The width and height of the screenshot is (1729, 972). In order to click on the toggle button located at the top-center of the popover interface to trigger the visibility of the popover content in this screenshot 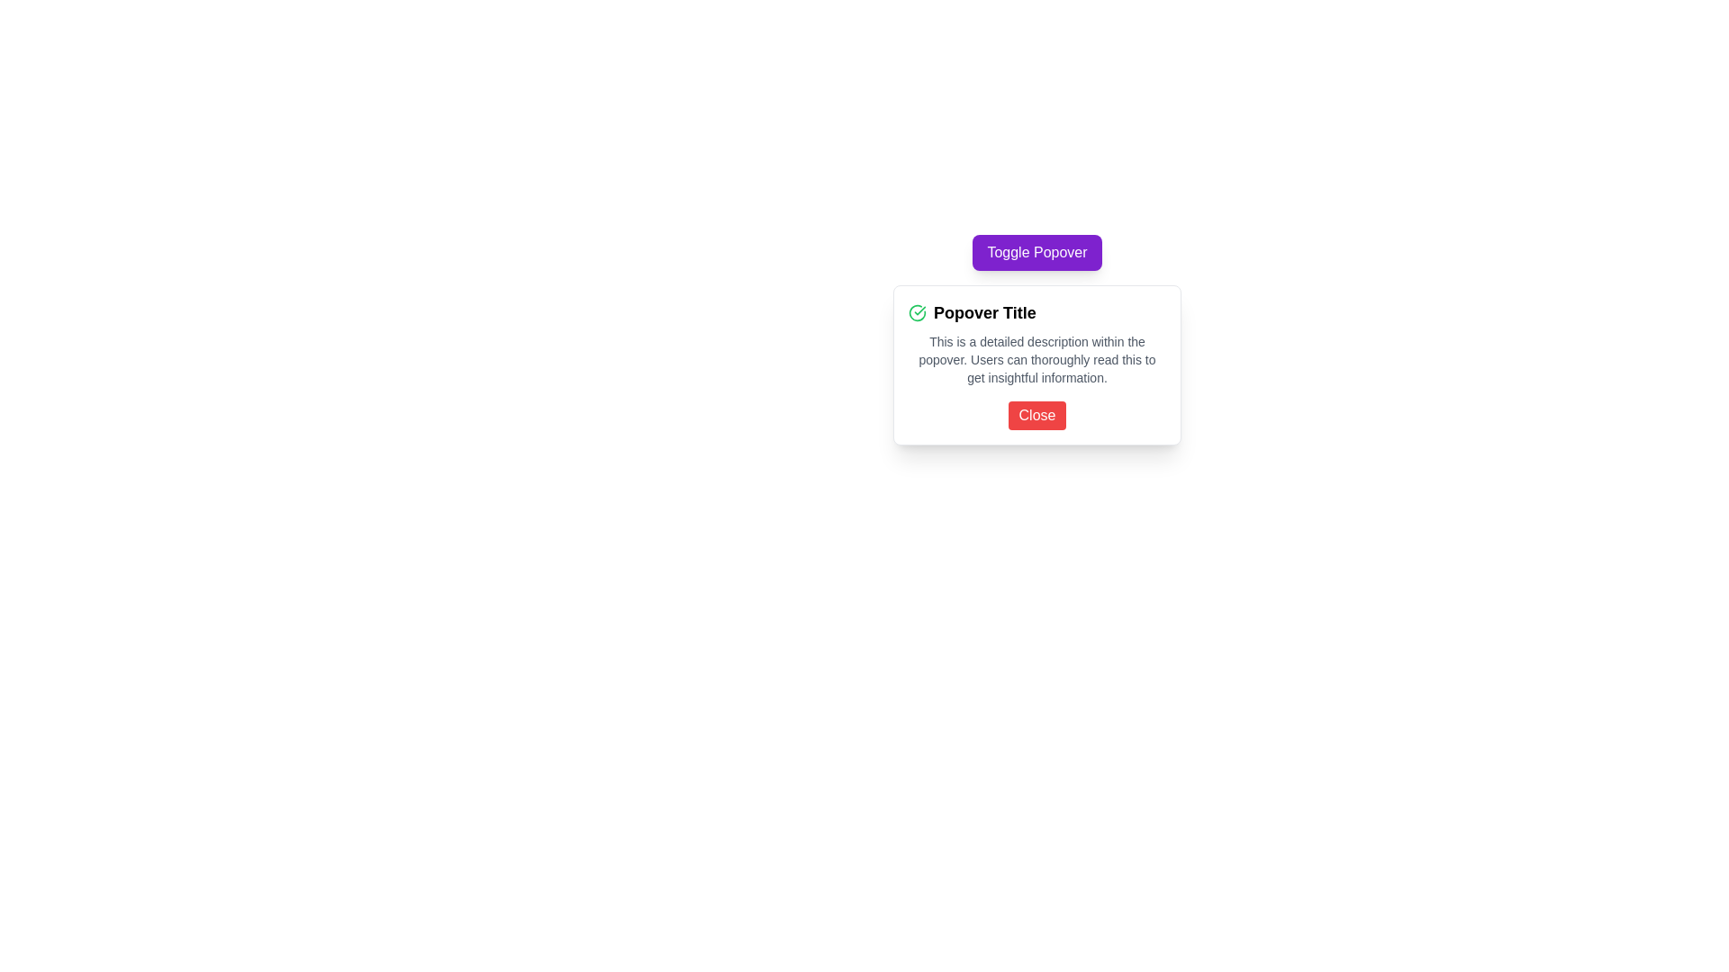, I will do `click(1037, 253)`.